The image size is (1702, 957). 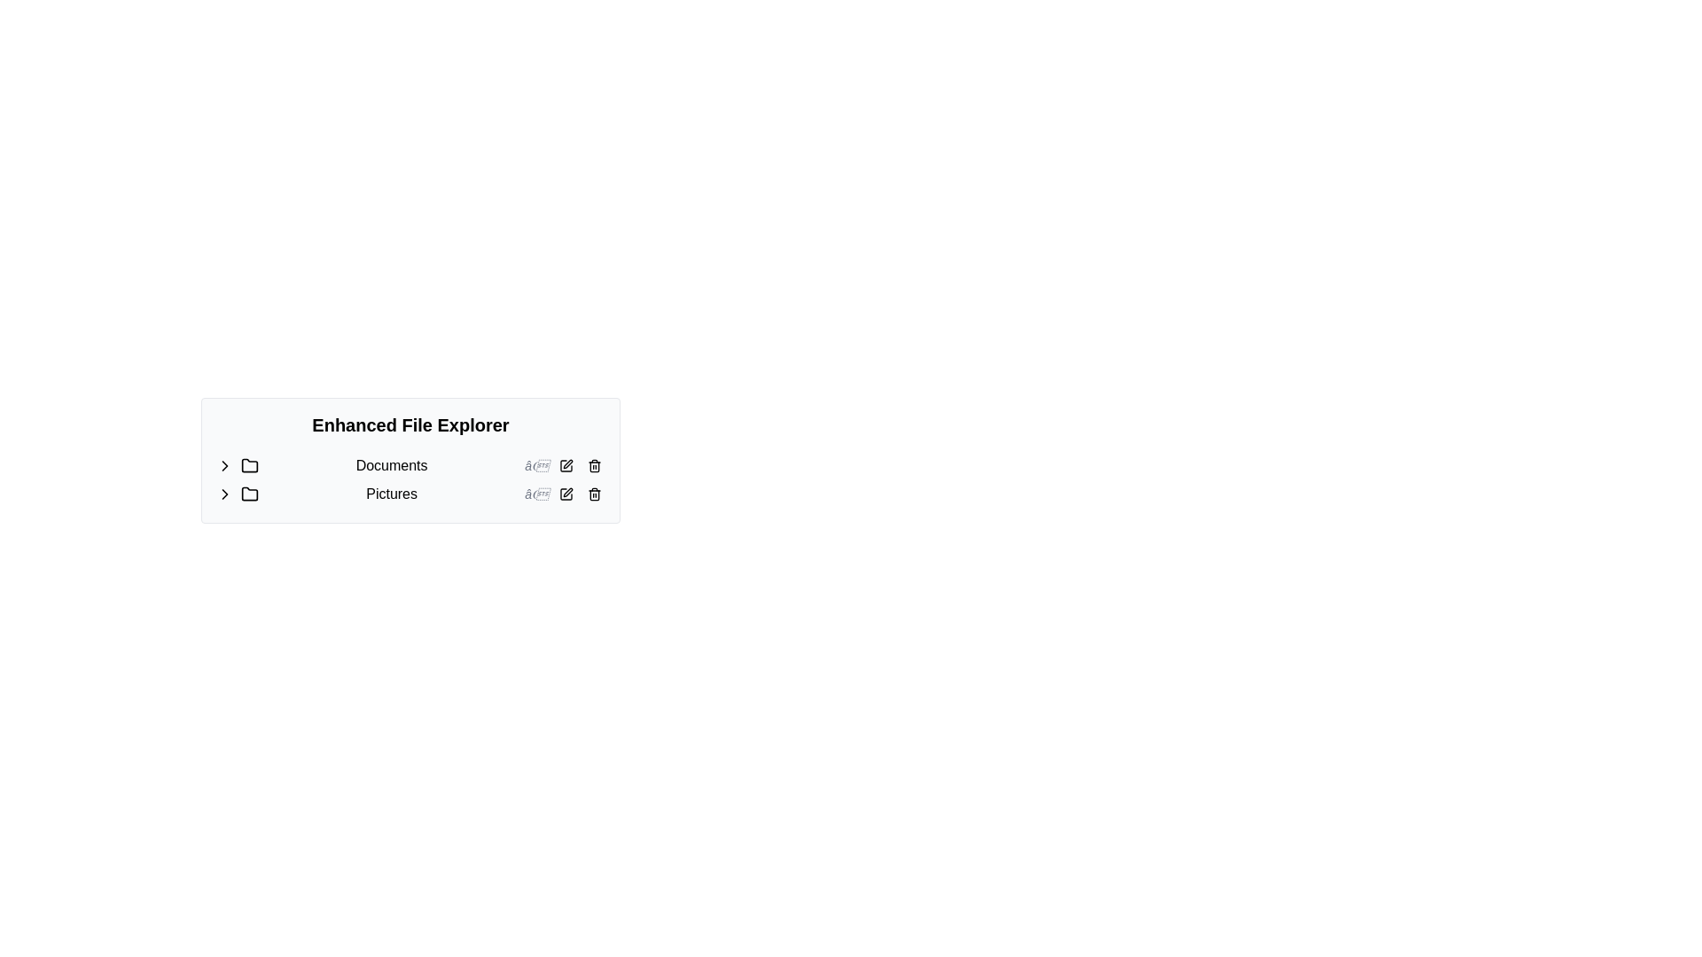 What do you see at coordinates (249, 493) in the screenshot?
I see `the folder icon representing the 'Pictures' folder in the file explorer interface, which is the second entry in the list` at bounding box center [249, 493].